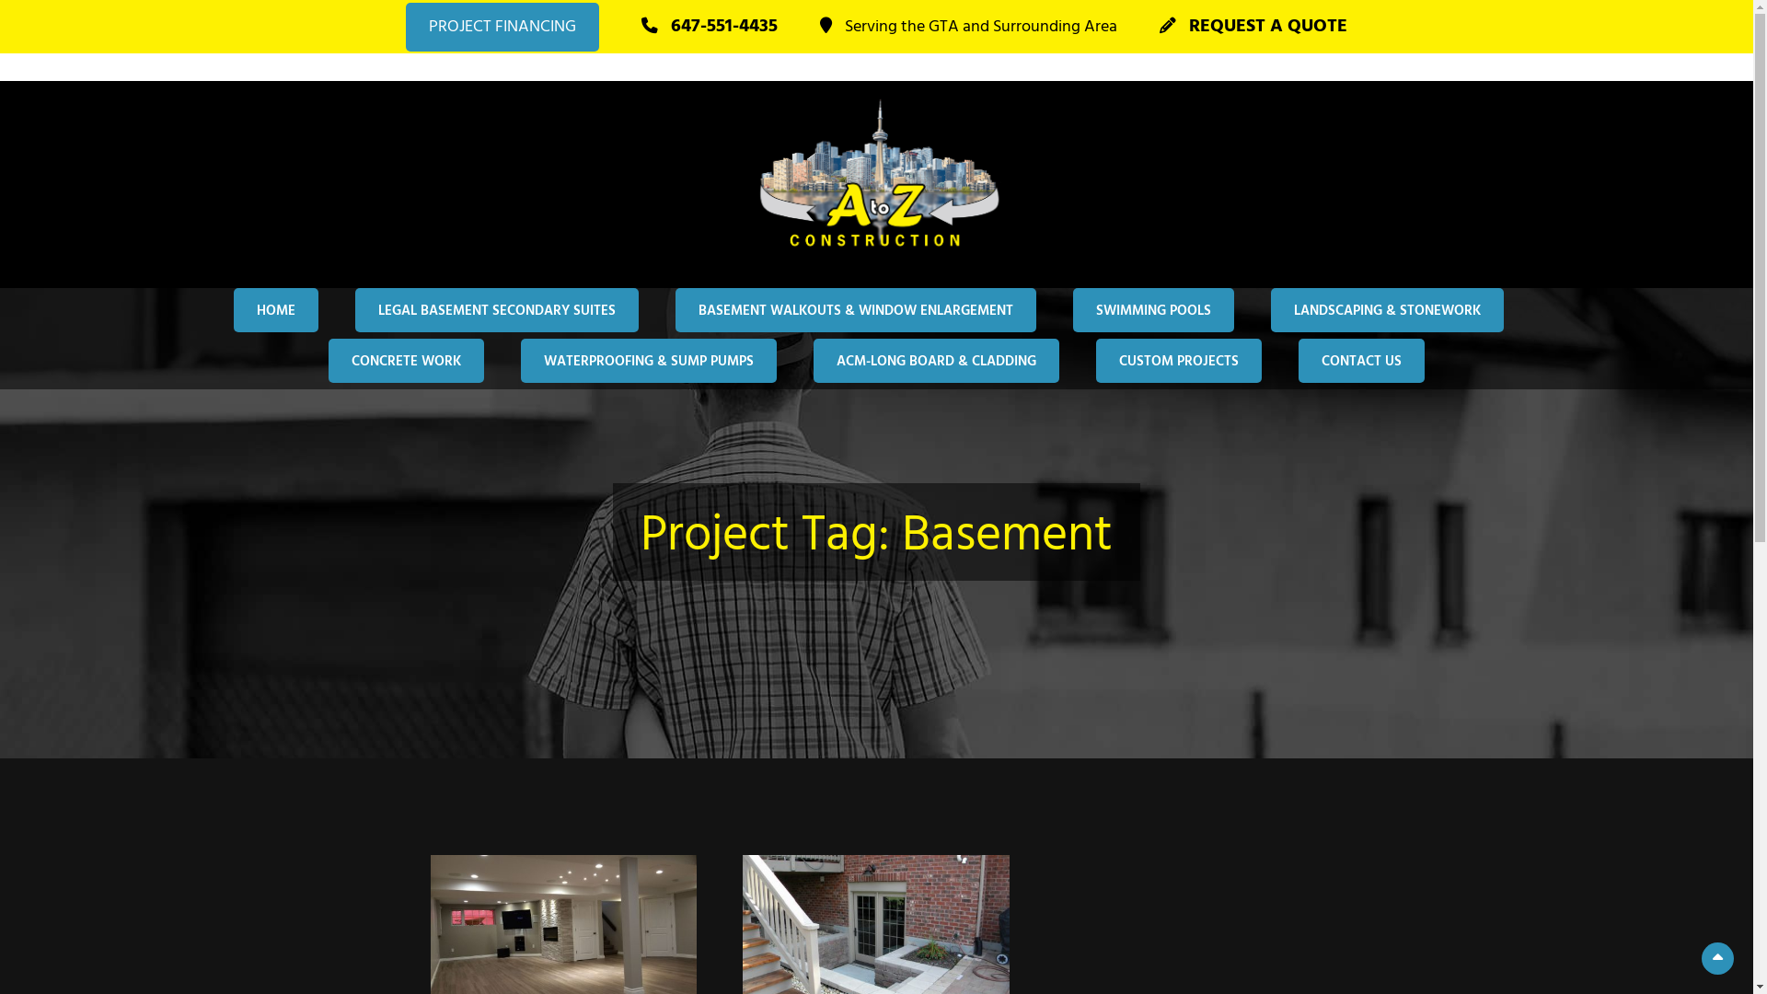 This screenshot has width=1767, height=994. Describe the element at coordinates (1253, 27) in the screenshot. I see `'REQUEST A QUOTE'` at that location.